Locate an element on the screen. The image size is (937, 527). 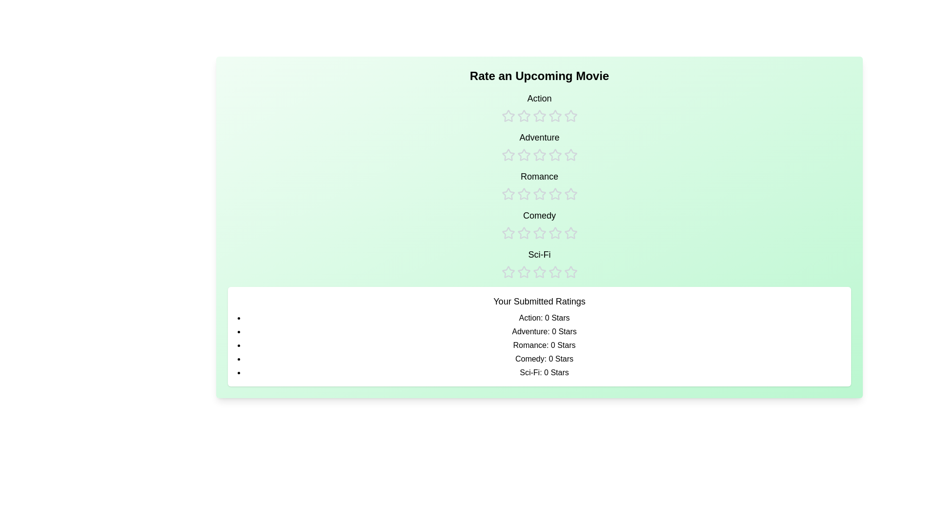
the rating for the Action category to 5 stars is located at coordinates (570, 107).